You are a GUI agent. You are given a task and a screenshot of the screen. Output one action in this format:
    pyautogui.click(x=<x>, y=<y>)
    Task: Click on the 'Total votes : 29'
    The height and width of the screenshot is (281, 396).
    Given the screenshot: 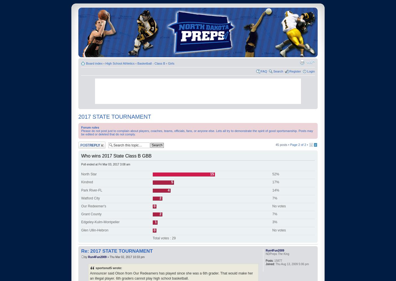 What is the action you would take?
    pyautogui.click(x=164, y=238)
    